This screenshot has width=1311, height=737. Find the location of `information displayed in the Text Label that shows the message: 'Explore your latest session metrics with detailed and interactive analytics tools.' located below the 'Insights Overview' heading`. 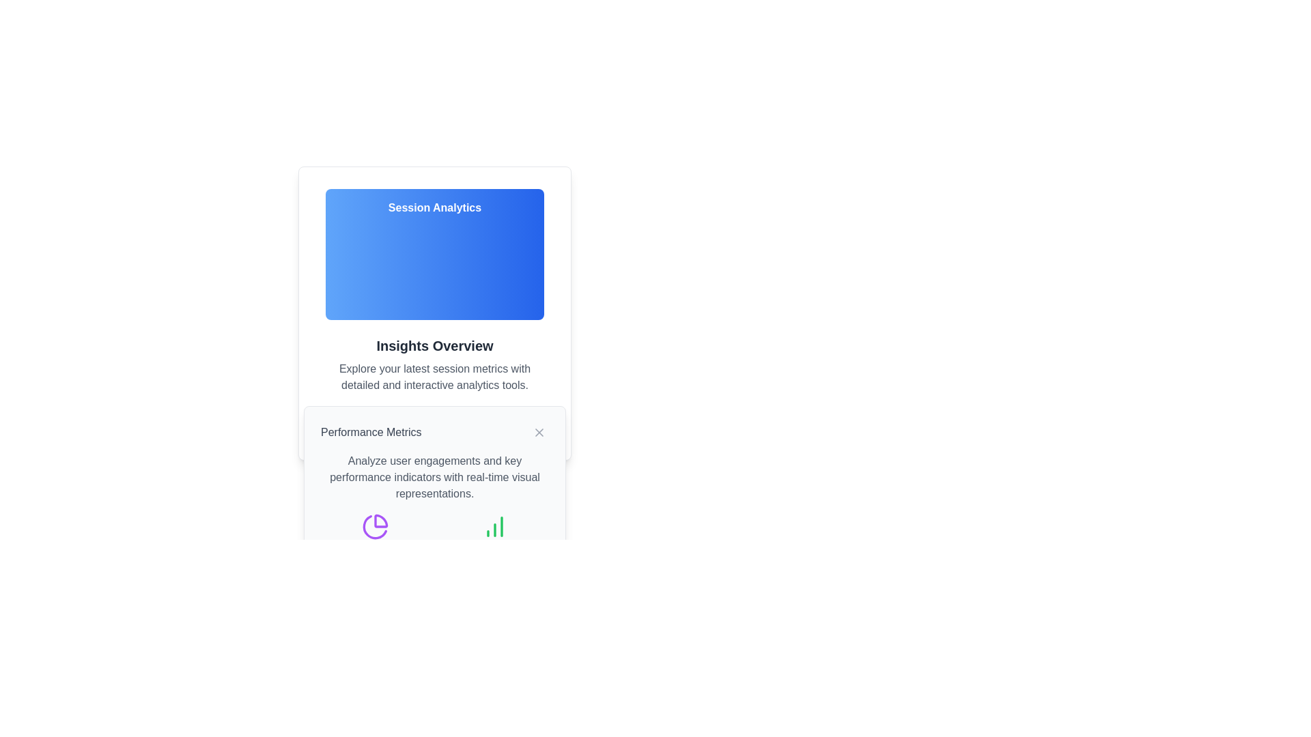

information displayed in the Text Label that shows the message: 'Explore your latest session metrics with detailed and interactive analytics tools.' located below the 'Insights Overview' heading is located at coordinates (434, 377).